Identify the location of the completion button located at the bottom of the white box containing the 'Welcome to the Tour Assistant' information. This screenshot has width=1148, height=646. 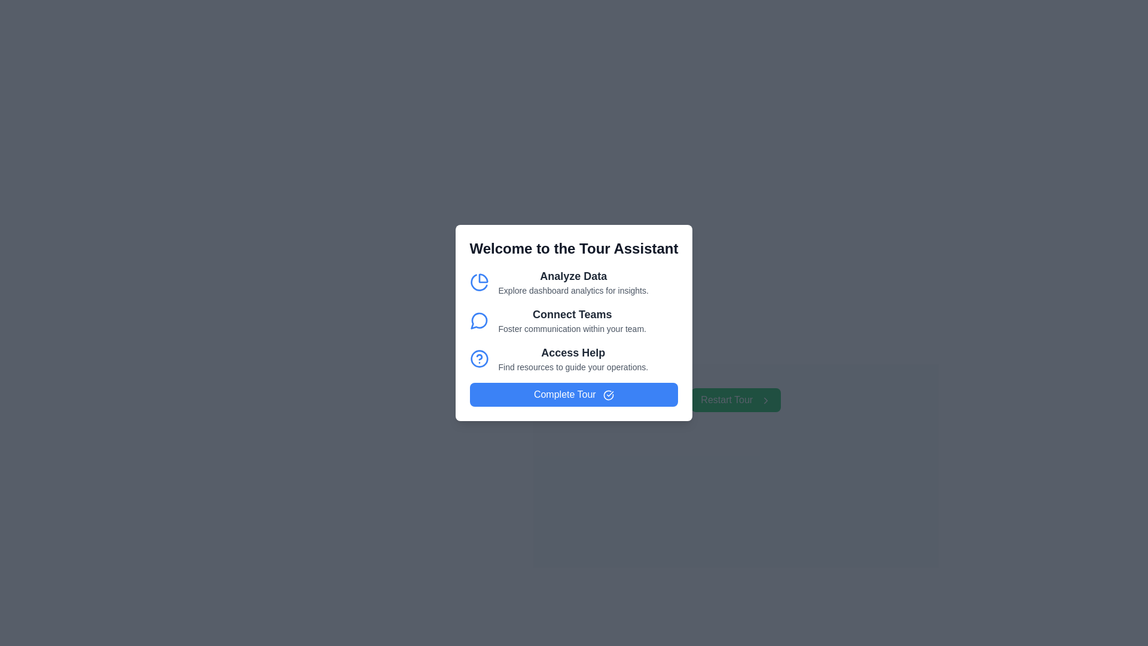
(574, 394).